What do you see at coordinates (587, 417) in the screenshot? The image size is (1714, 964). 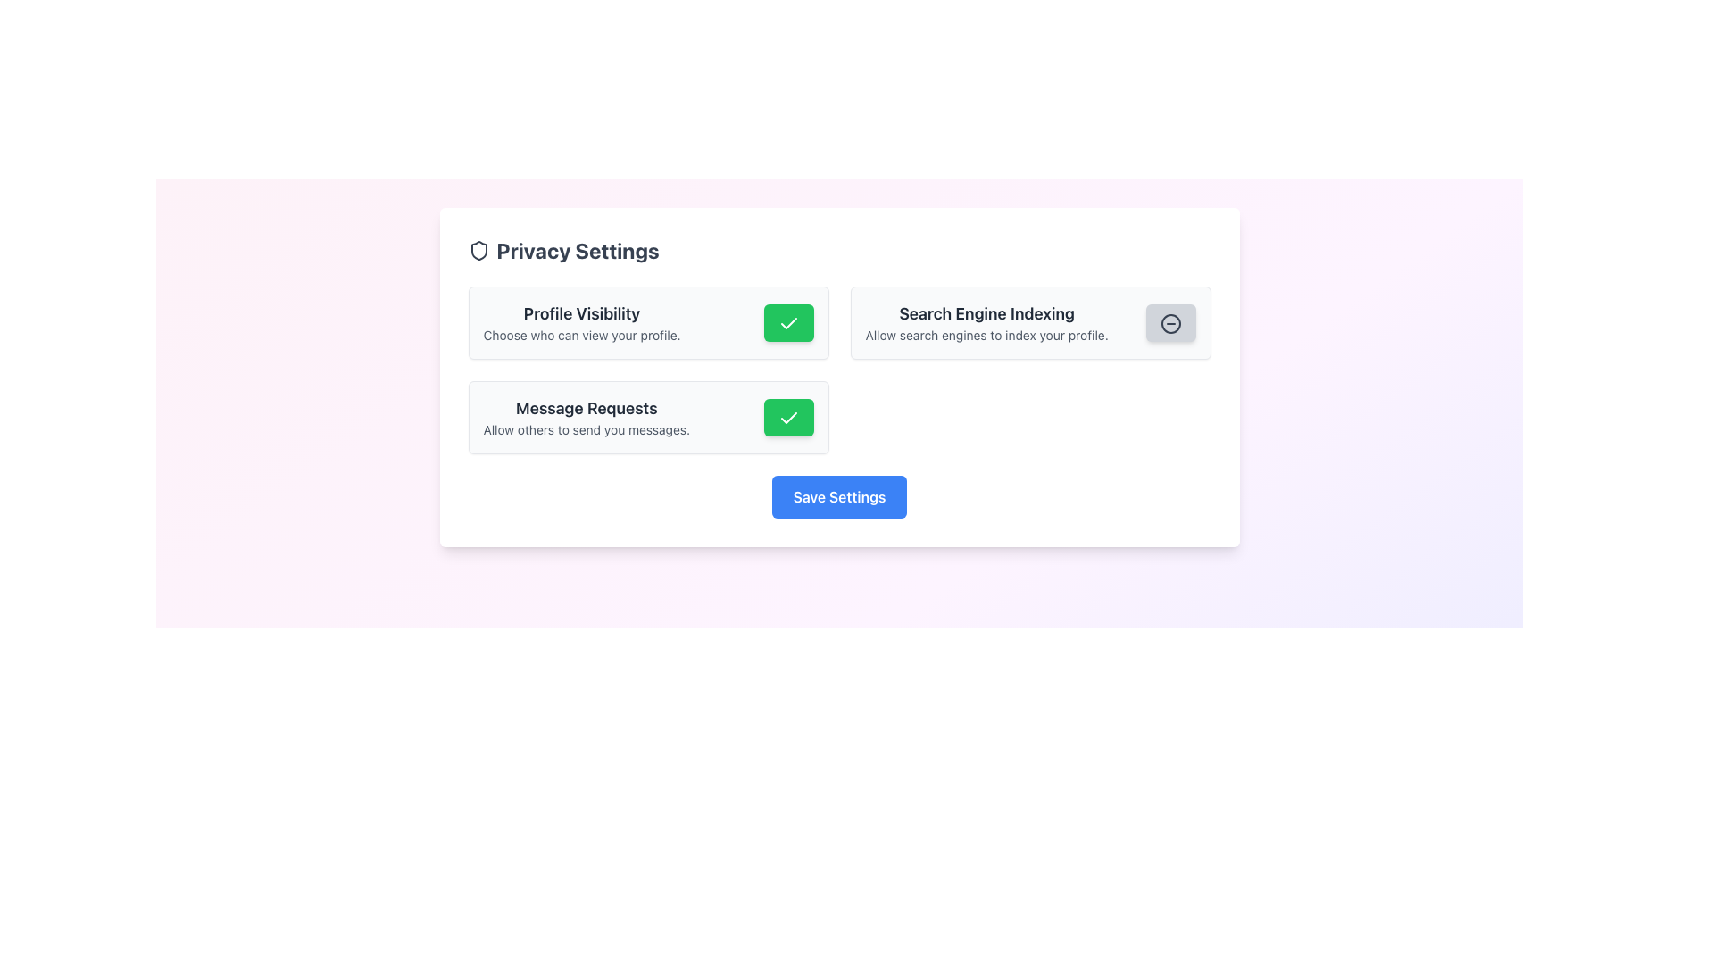 I see `the text label that explains the privacy setting related to handling message requests, located below the 'Profile Visibility' section and to the left of a green checkbox` at bounding box center [587, 417].